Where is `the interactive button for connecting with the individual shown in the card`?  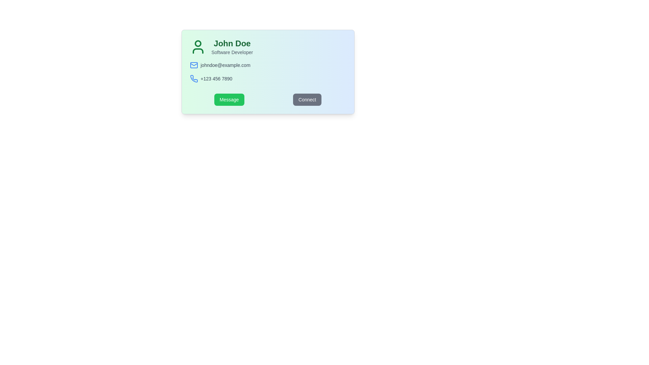
the interactive button for connecting with the individual shown in the card is located at coordinates (307, 99).